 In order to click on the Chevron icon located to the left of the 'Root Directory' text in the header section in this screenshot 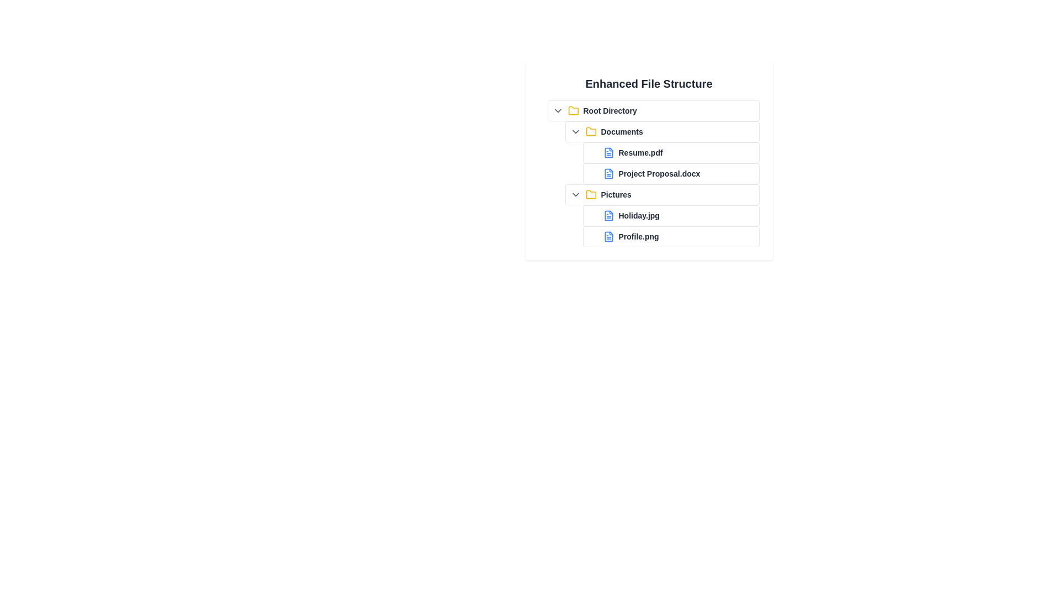, I will do `click(558, 110)`.